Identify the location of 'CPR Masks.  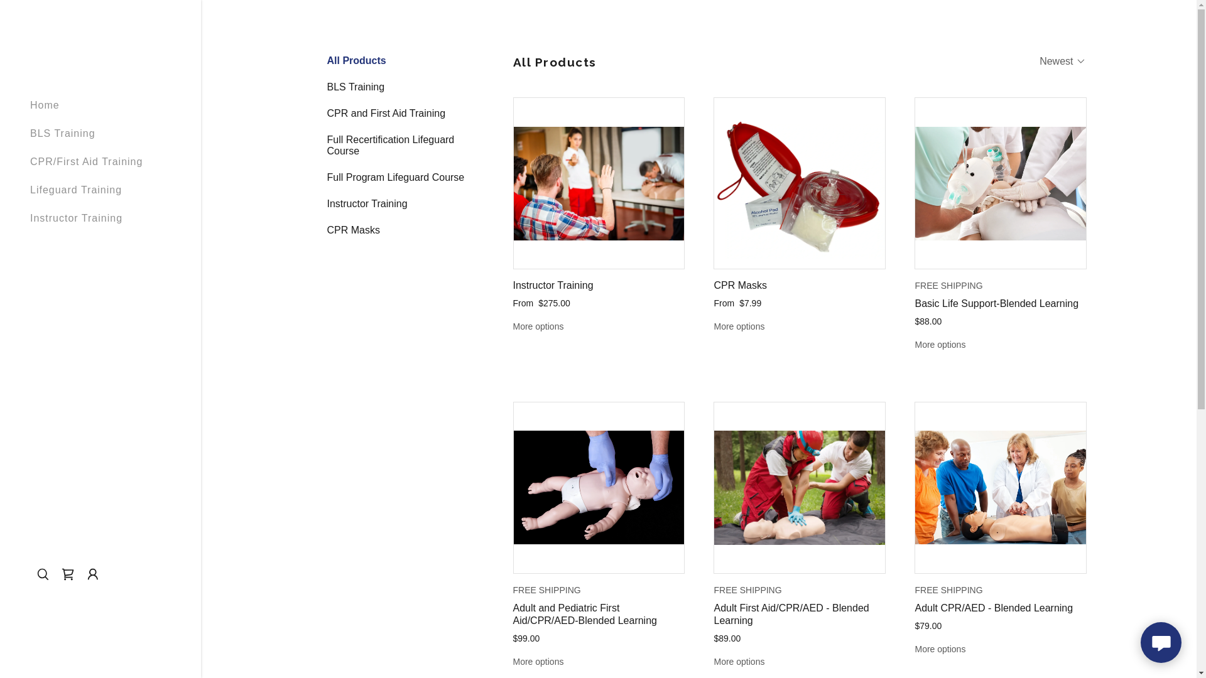
(798, 215).